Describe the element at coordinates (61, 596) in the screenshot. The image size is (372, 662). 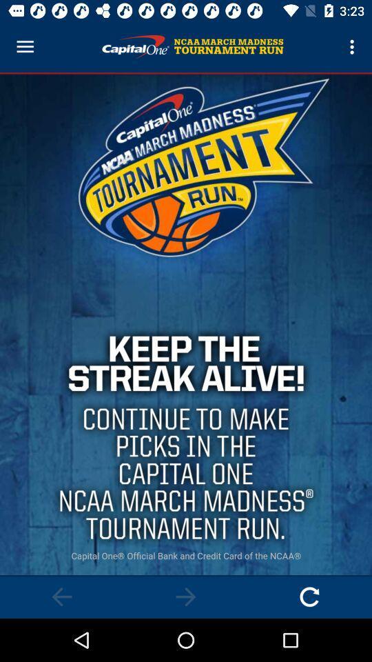
I see `the arrow_backward icon` at that location.